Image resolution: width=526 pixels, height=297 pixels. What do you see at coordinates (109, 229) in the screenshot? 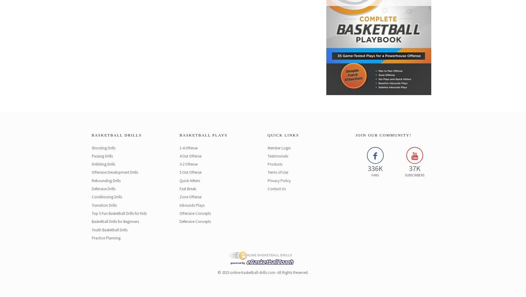
I see `'Youth Basketball Drills'` at bounding box center [109, 229].